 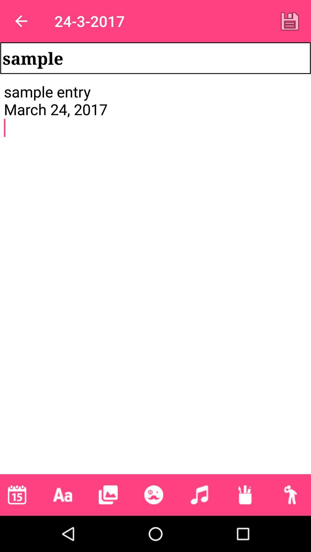 I want to click on the item below sample entry march item, so click(x=153, y=494).